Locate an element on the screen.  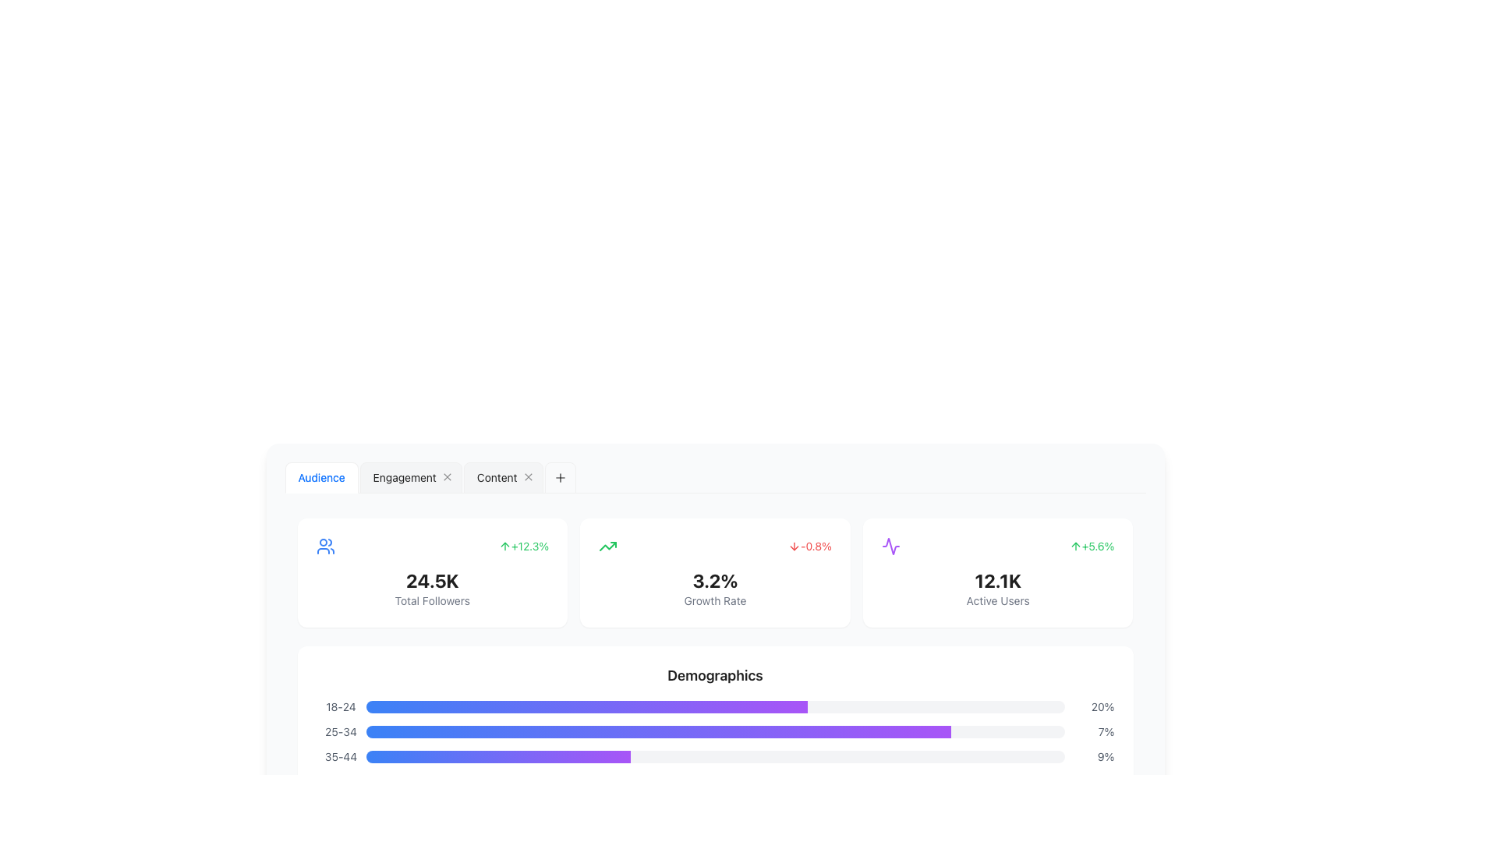
the 'X' icon button located to the right of the 'Content' text tab in the tabbed interface is located at coordinates (528, 477).